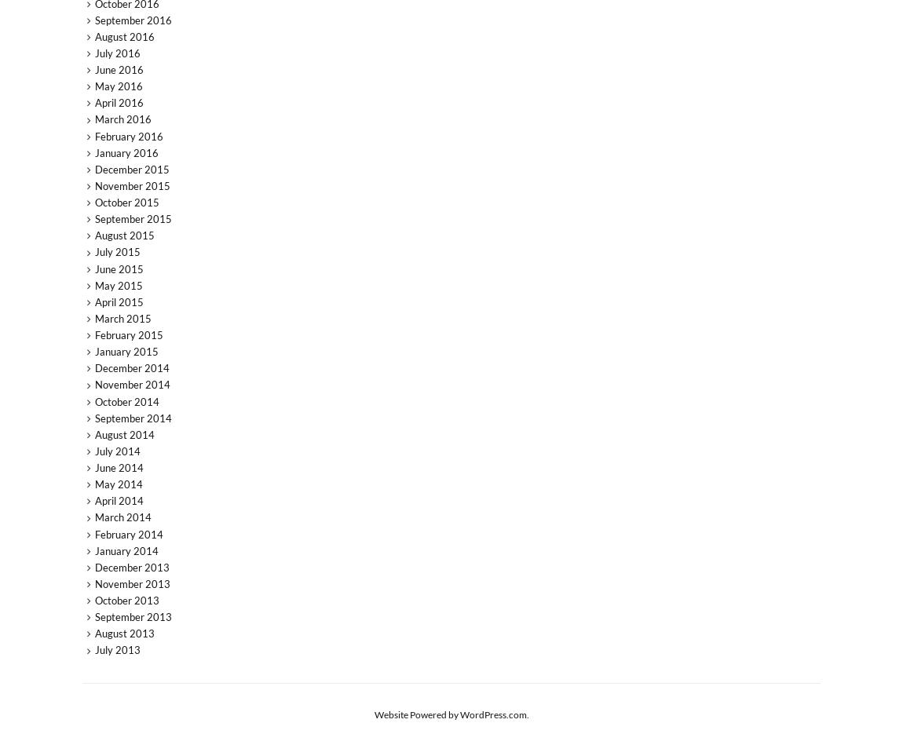 The width and height of the screenshot is (903, 745). Describe the element at coordinates (93, 334) in the screenshot. I see `'February 2015'` at that location.